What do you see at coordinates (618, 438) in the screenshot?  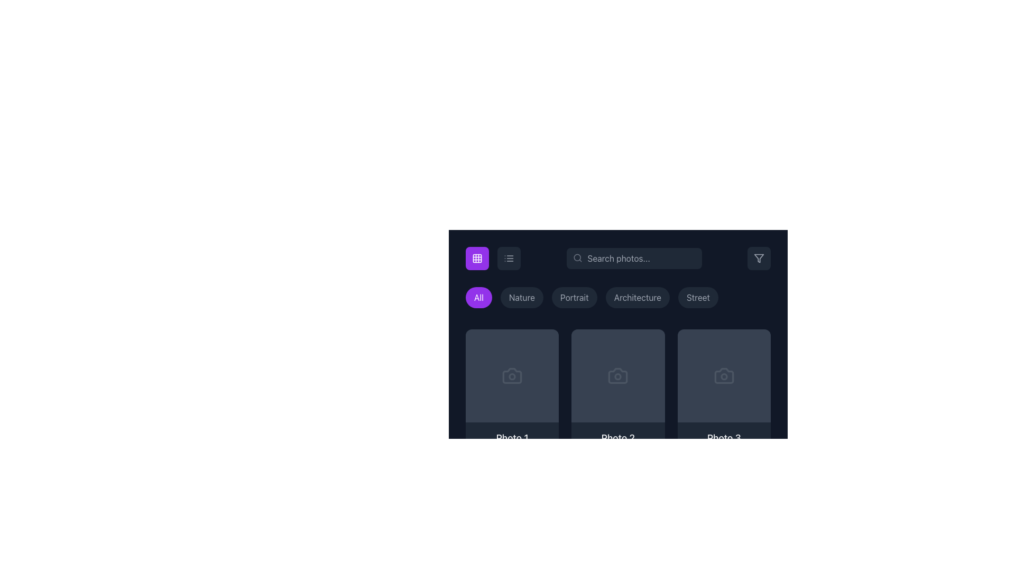 I see `the text label displaying 'Photo 2', which is styled with medium font weight and large font size on a dark background` at bounding box center [618, 438].